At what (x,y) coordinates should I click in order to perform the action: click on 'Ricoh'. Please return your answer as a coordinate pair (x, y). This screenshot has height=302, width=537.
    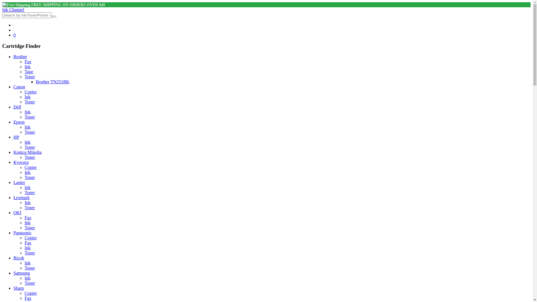
    Looking at the image, I should click on (19, 258).